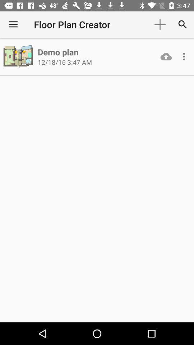 The height and width of the screenshot is (345, 194). I want to click on item to the right of the 12 18 16 item, so click(166, 56).